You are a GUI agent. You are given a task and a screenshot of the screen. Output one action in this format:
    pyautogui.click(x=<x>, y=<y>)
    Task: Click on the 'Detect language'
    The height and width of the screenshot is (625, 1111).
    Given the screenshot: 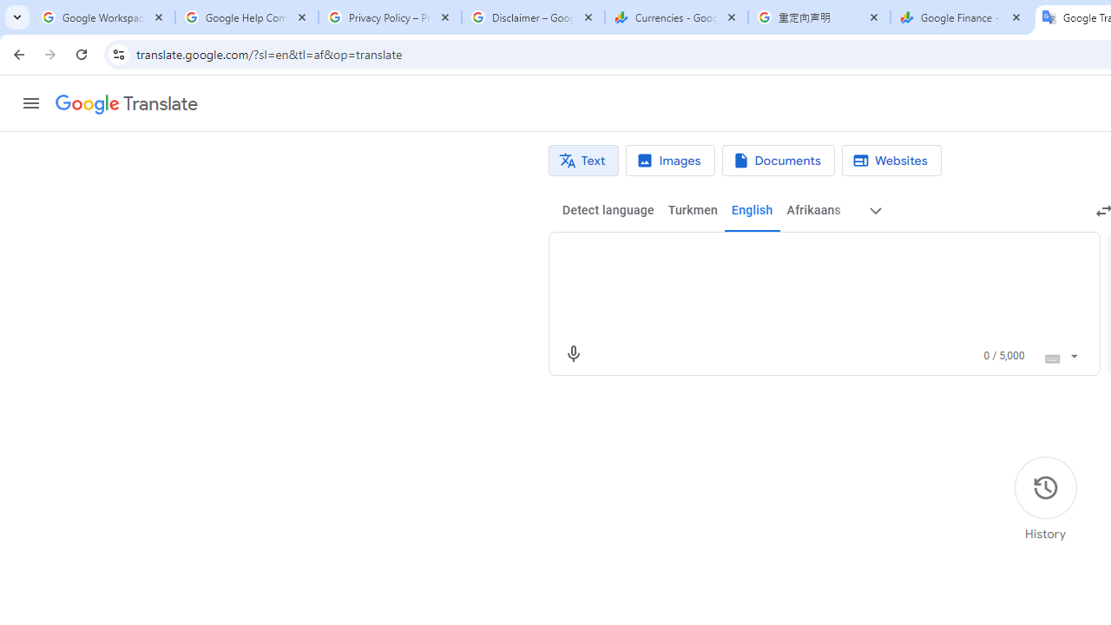 What is the action you would take?
    pyautogui.click(x=608, y=210)
    